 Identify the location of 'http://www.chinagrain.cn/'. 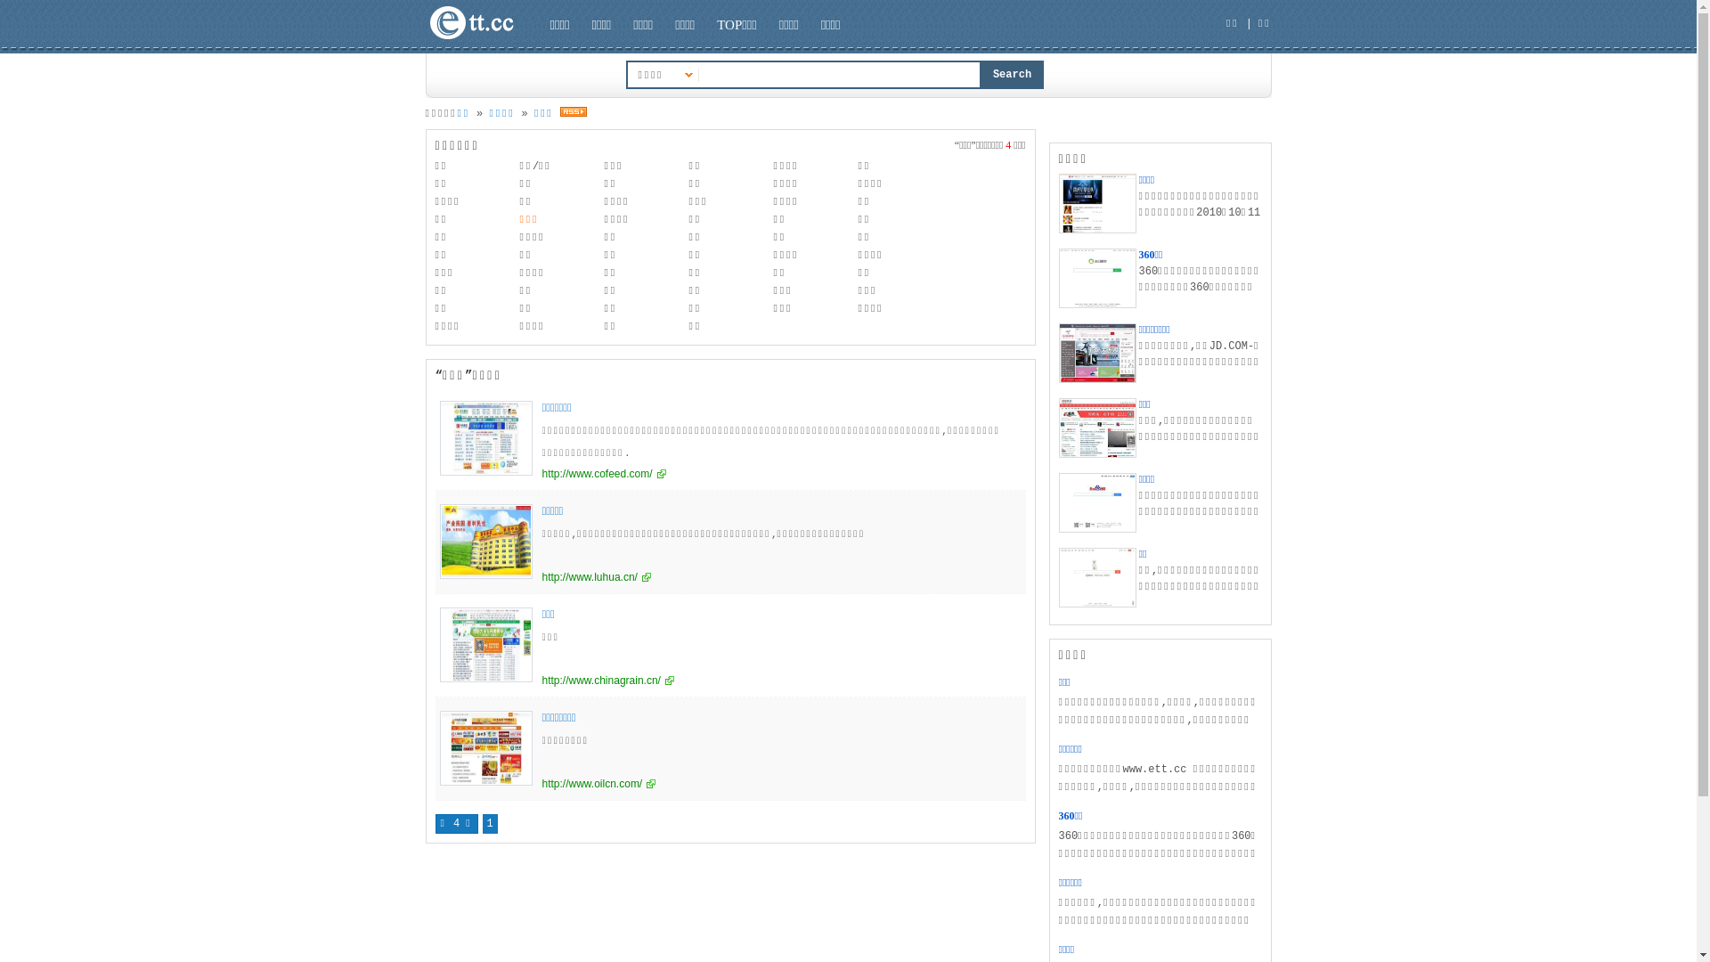
(541, 680).